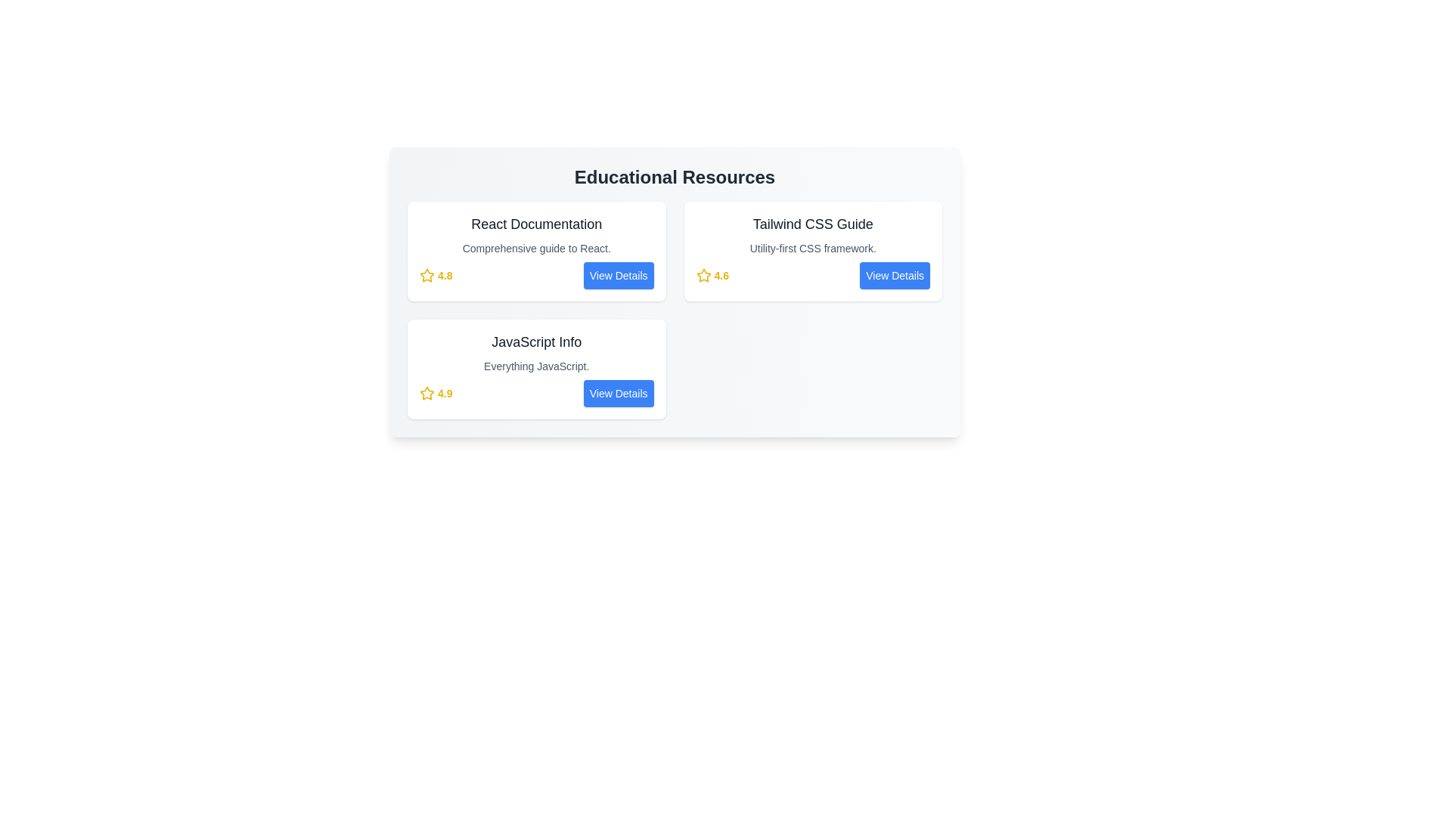 Image resolution: width=1452 pixels, height=816 pixels. Describe the element at coordinates (536, 366) in the screenshot. I see `the description of the resource titled 'JavaScript Info'` at that location.